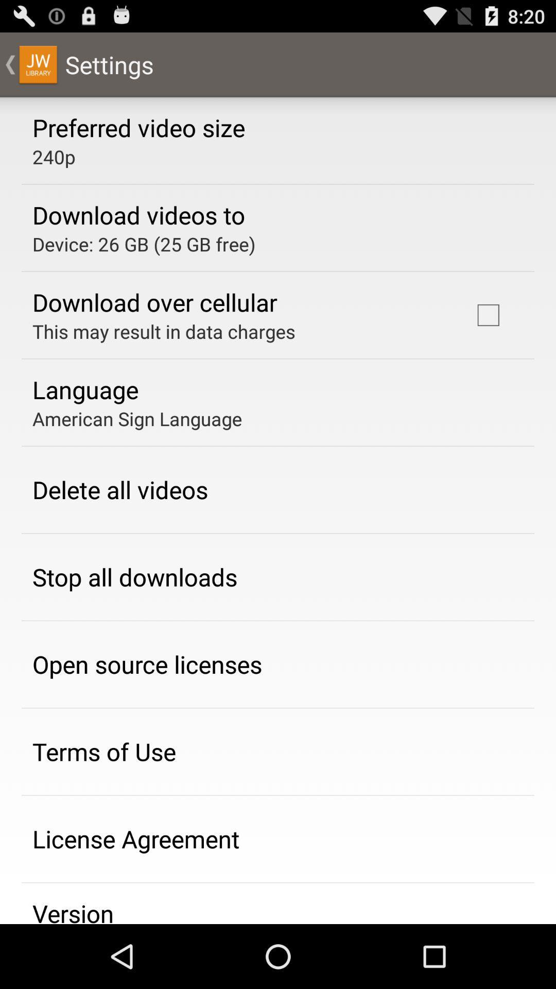  Describe the element at coordinates (54, 156) in the screenshot. I see `240p app` at that location.